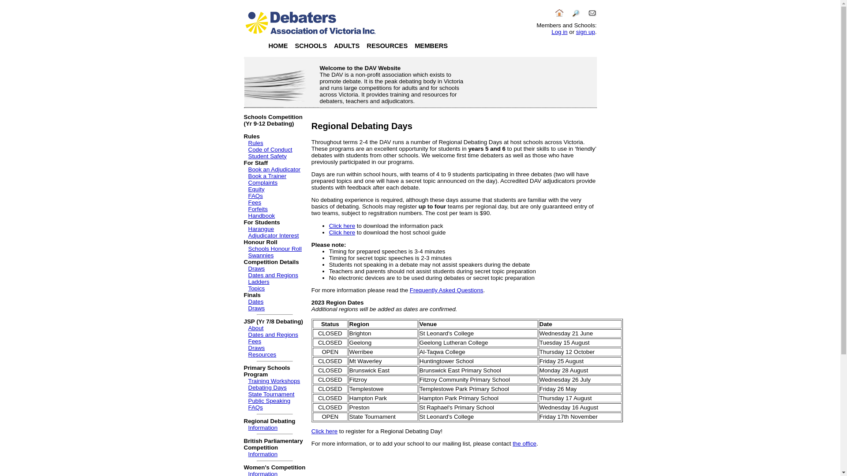  What do you see at coordinates (247, 255) in the screenshot?
I see `'Swannies'` at bounding box center [247, 255].